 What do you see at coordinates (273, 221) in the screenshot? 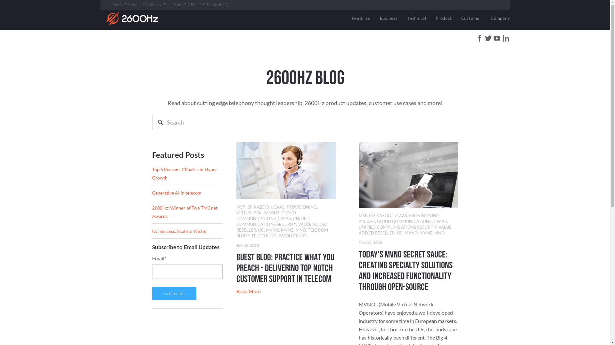
I see `'UNIFIED COMMUNICATIONS SECURITY'` at bounding box center [273, 221].